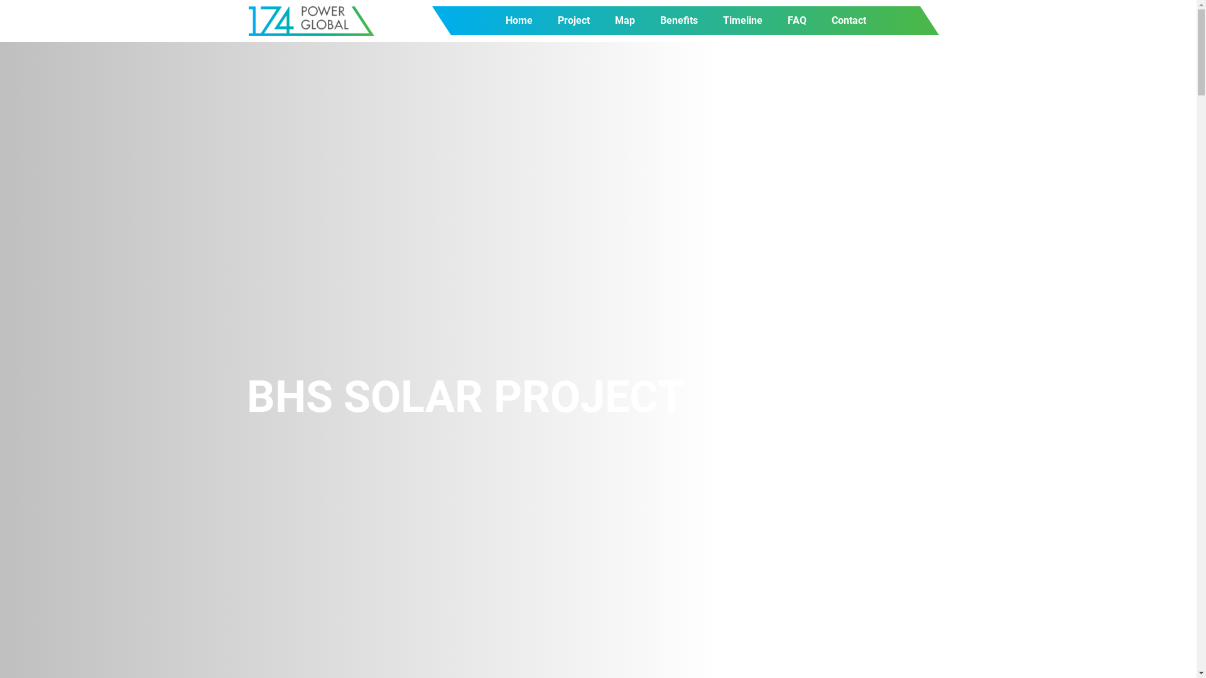  I want to click on 'Contact', so click(849, 21).